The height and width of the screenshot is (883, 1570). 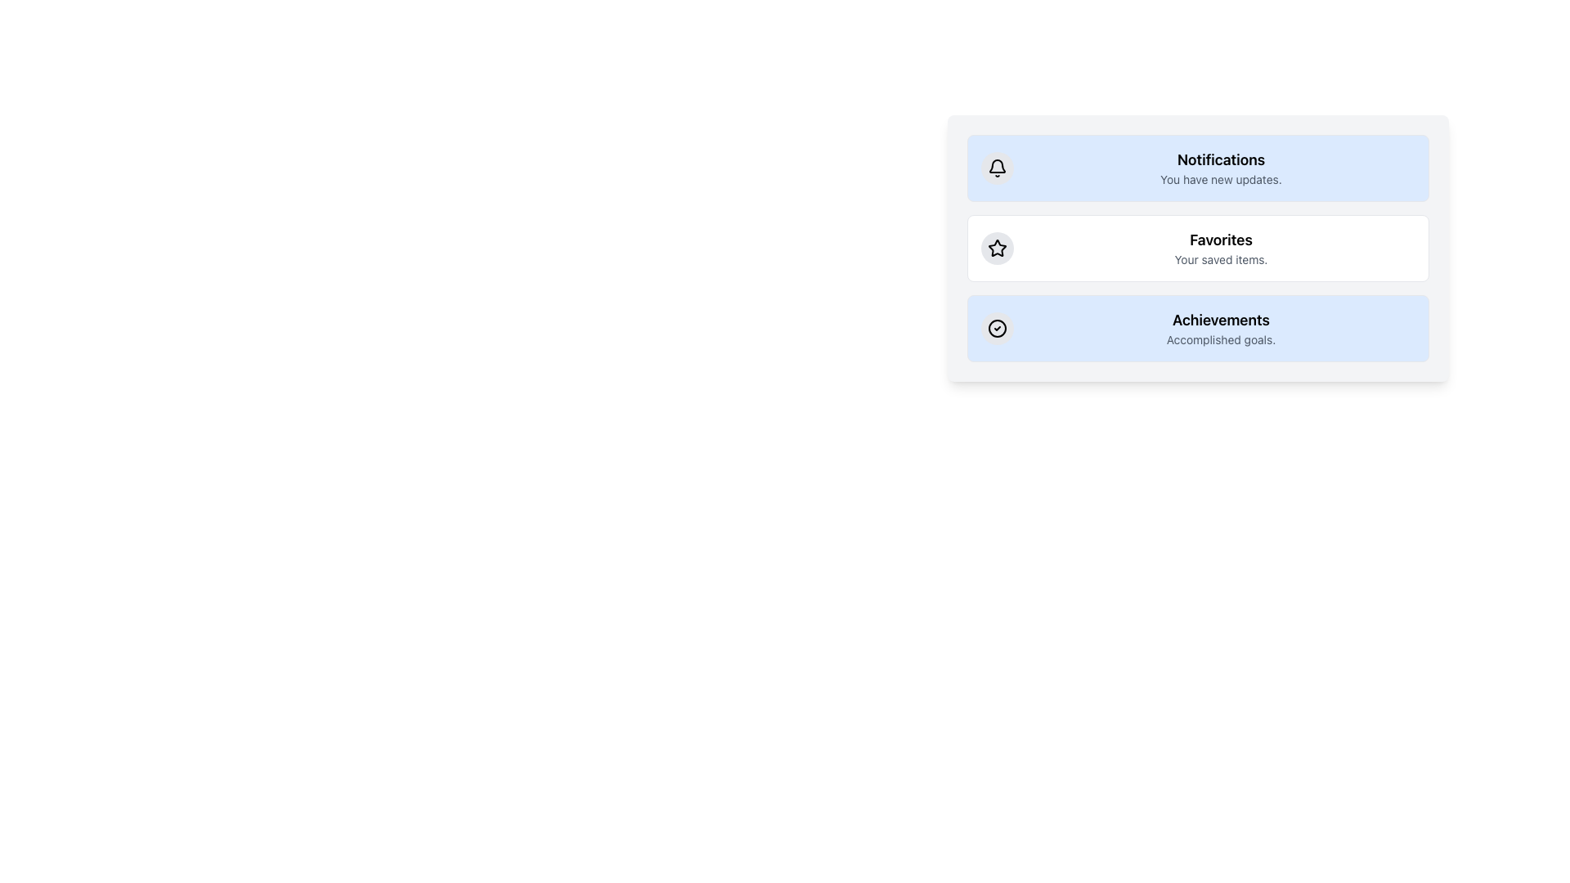 What do you see at coordinates (1221, 339) in the screenshot?
I see `the text displaying 'Accomplished goals.'` at bounding box center [1221, 339].